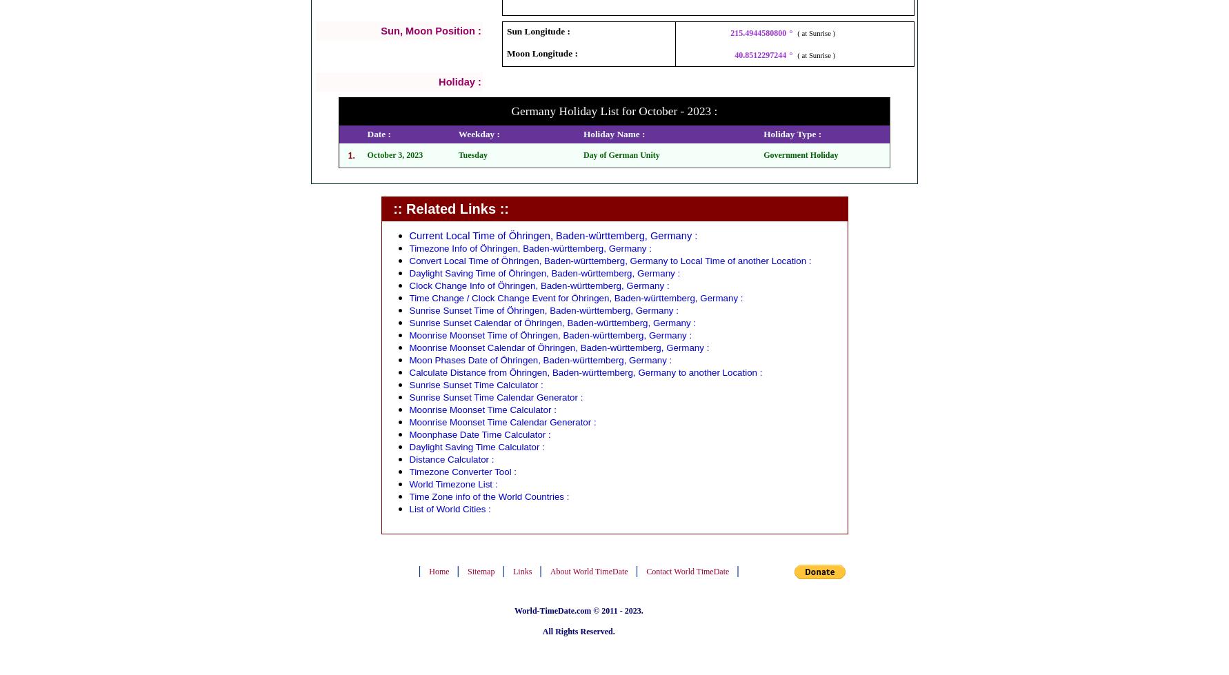 This screenshot has width=1229, height=675. I want to click on 'Time Zone info of the World Countries :', so click(409, 495).